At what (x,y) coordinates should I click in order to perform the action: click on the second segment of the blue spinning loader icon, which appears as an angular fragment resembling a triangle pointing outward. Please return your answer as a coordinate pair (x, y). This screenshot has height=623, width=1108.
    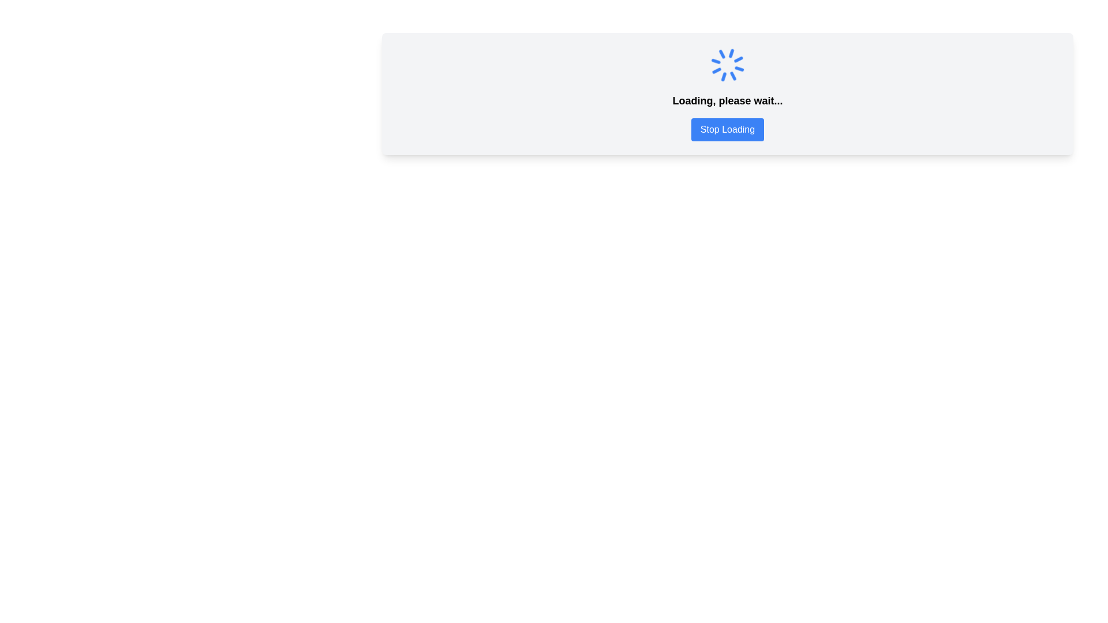
    Looking at the image, I should click on (723, 76).